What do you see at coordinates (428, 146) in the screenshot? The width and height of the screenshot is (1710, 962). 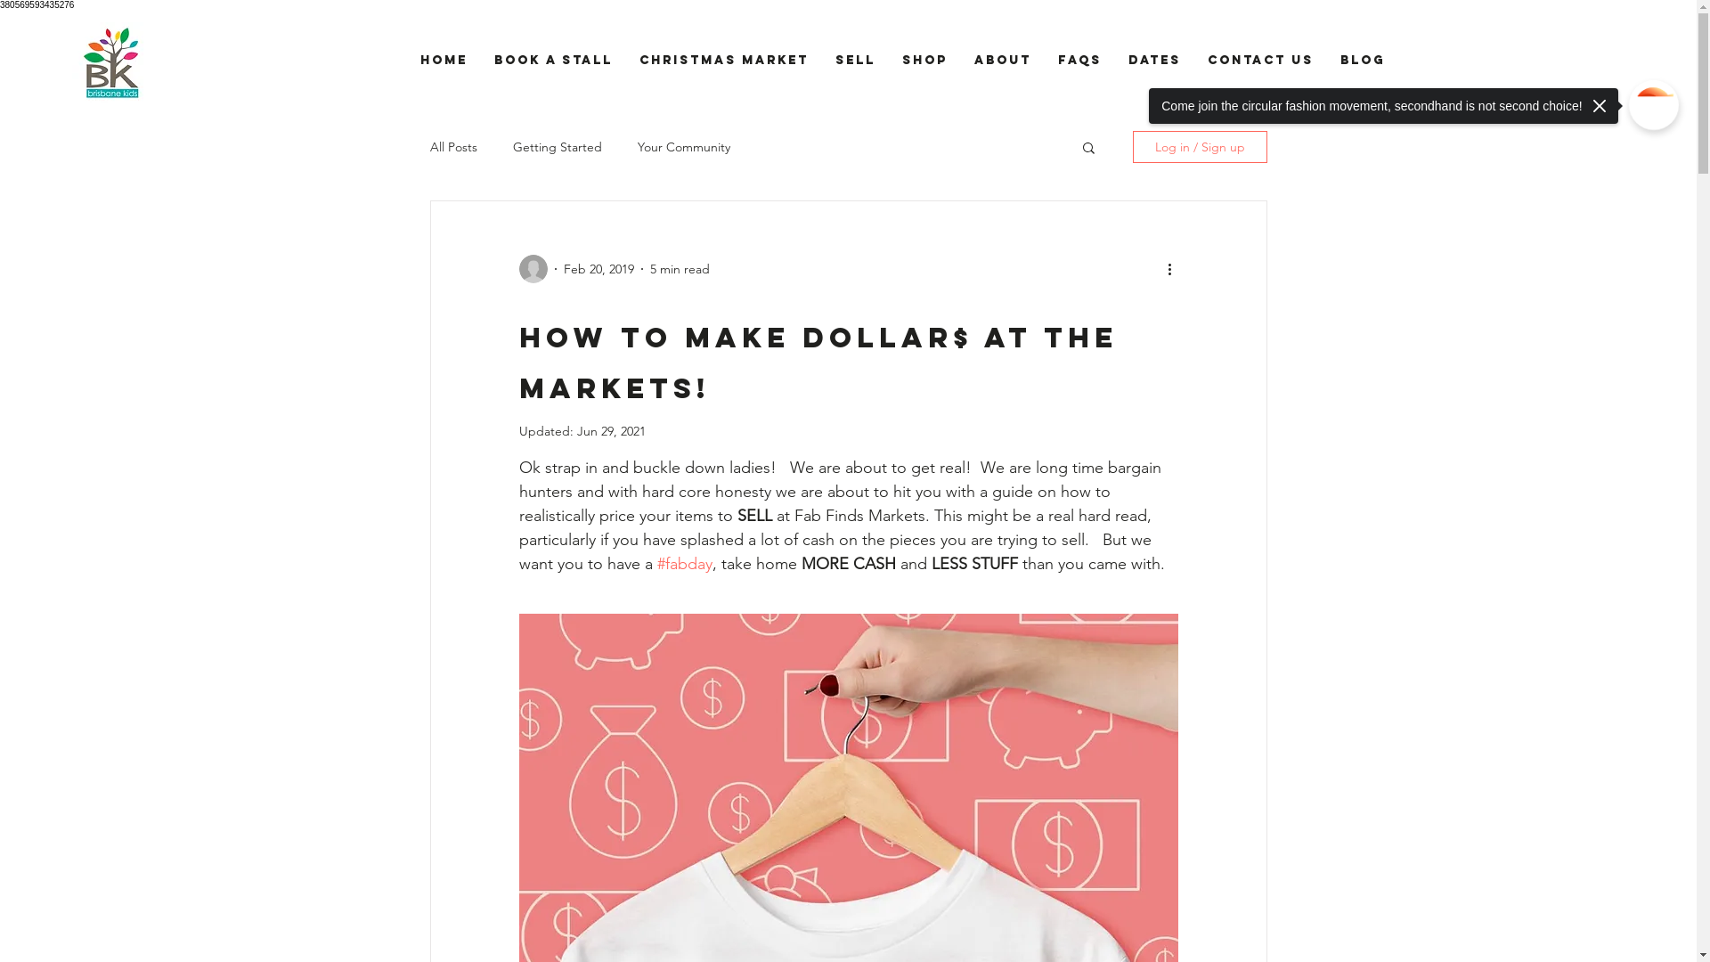 I see `'All Posts'` at bounding box center [428, 146].